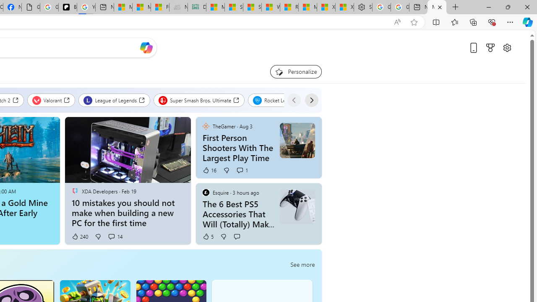  What do you see at coordinates (206, 126) in the screenshot?
I see `'TheGamer'` at bounding box center [206, 126].